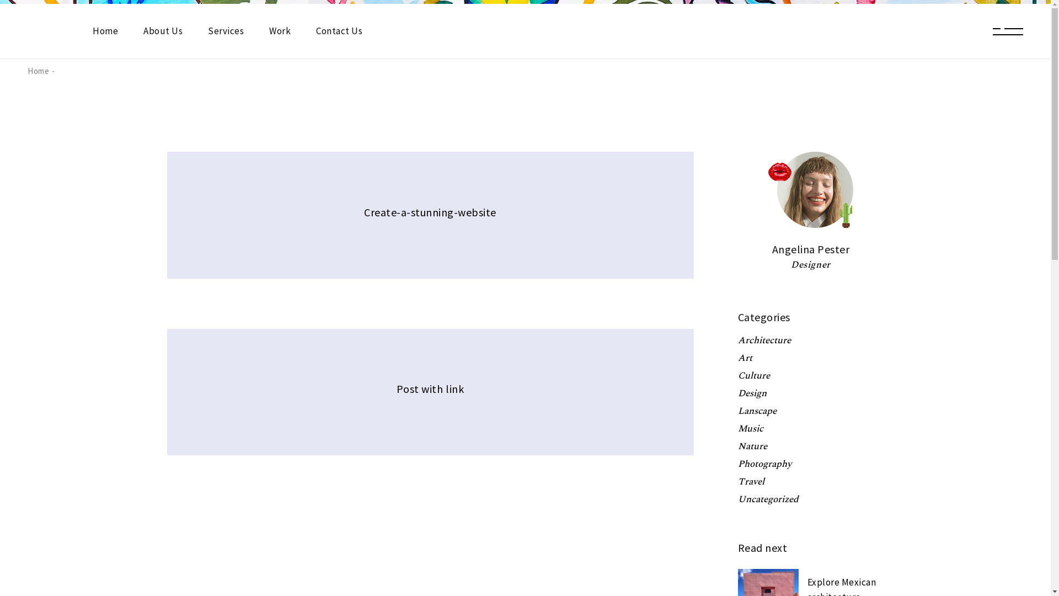  What do you see at coordinates (142, 30) in the screenshot?
I see `'About Us'` at bounding box center [142, 30].